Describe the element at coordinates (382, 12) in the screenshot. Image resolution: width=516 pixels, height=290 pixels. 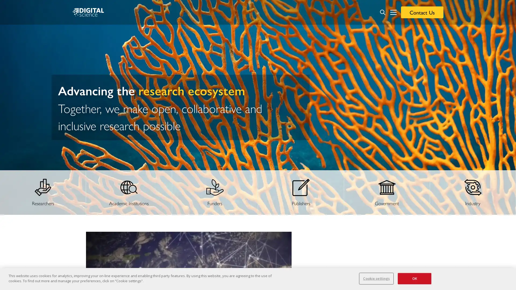
I see `Search` at that location.